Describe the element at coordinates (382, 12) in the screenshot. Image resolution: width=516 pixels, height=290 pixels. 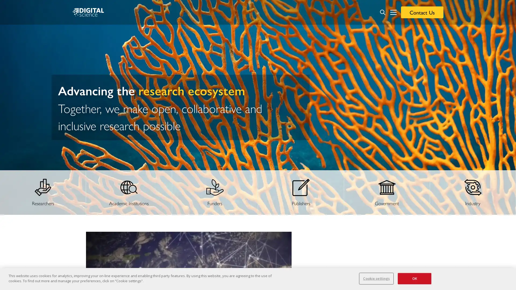
I see `Search` at that location.